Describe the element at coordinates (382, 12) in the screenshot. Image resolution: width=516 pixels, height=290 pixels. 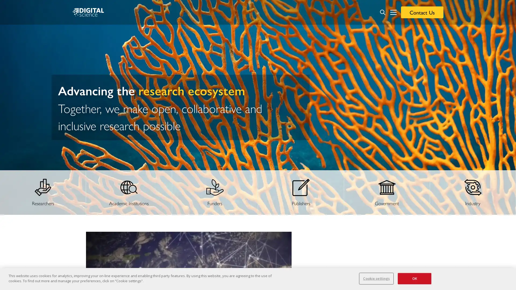
I see `Search` at that location.